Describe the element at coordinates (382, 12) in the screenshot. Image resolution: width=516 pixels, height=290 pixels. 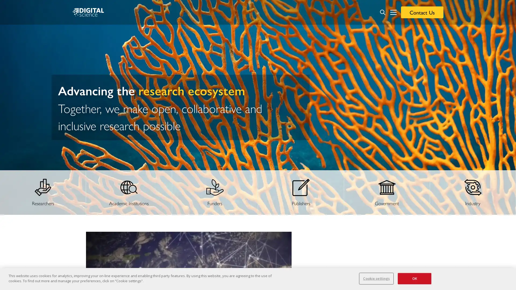
I see `Search` at that location.